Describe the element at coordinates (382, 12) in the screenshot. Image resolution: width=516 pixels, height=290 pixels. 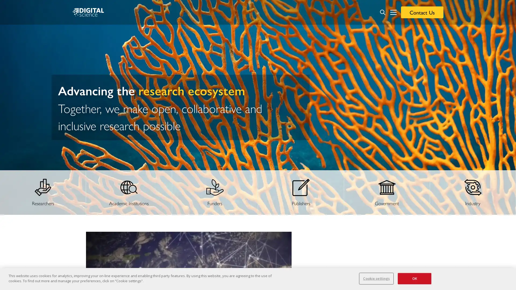
I see `Search` at that location.